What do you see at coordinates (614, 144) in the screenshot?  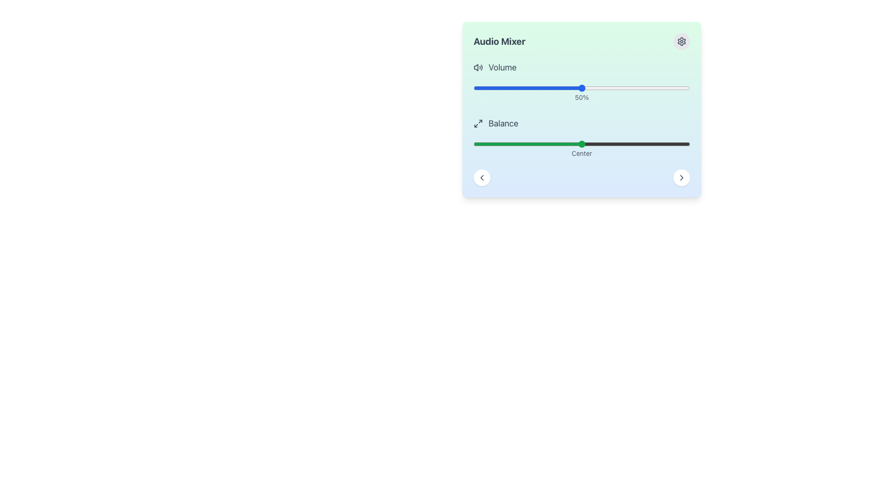 I see `balance` at bounding box center [614, 144].